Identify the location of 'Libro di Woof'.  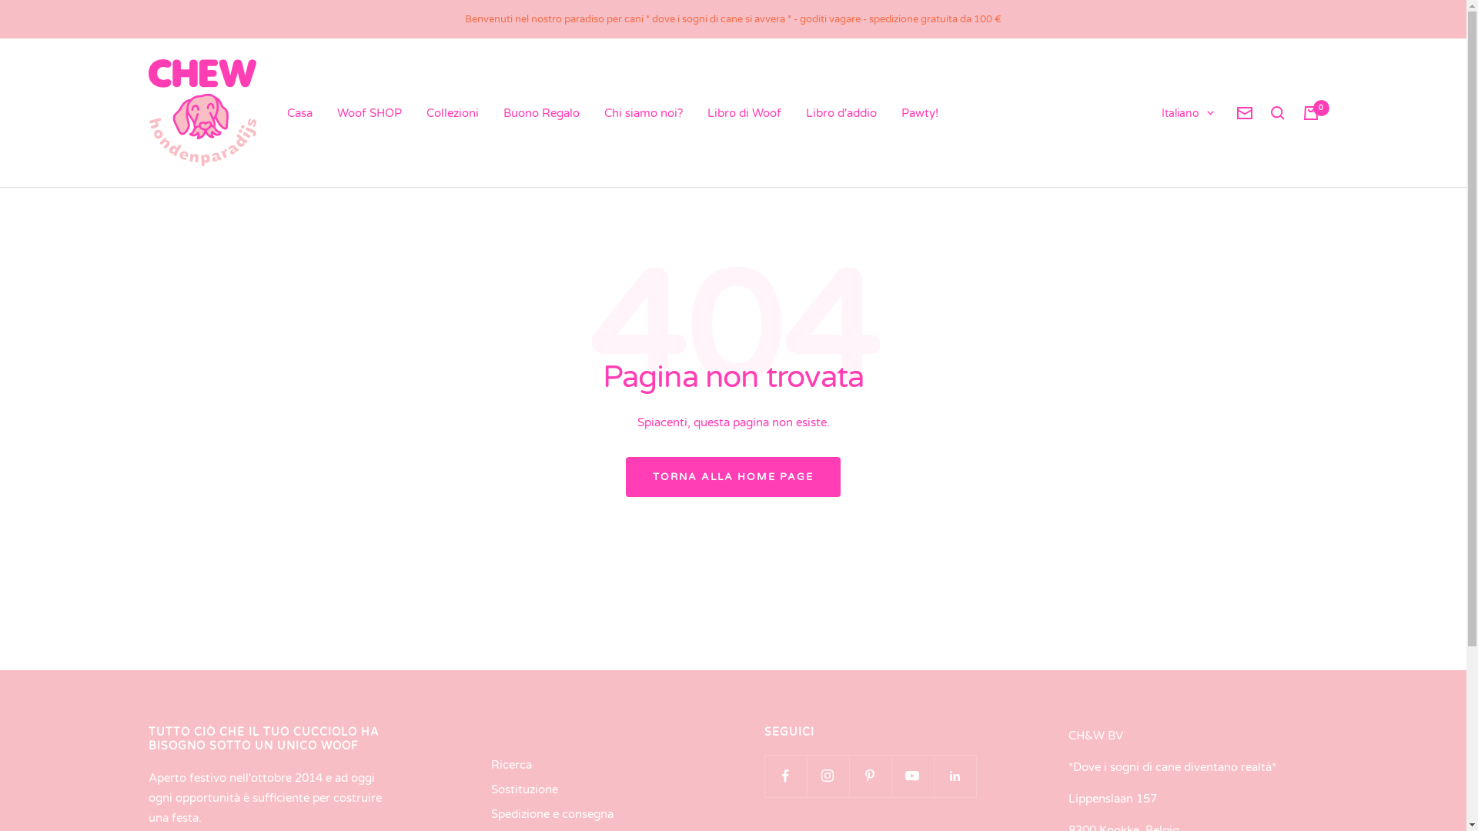
(743, 112).